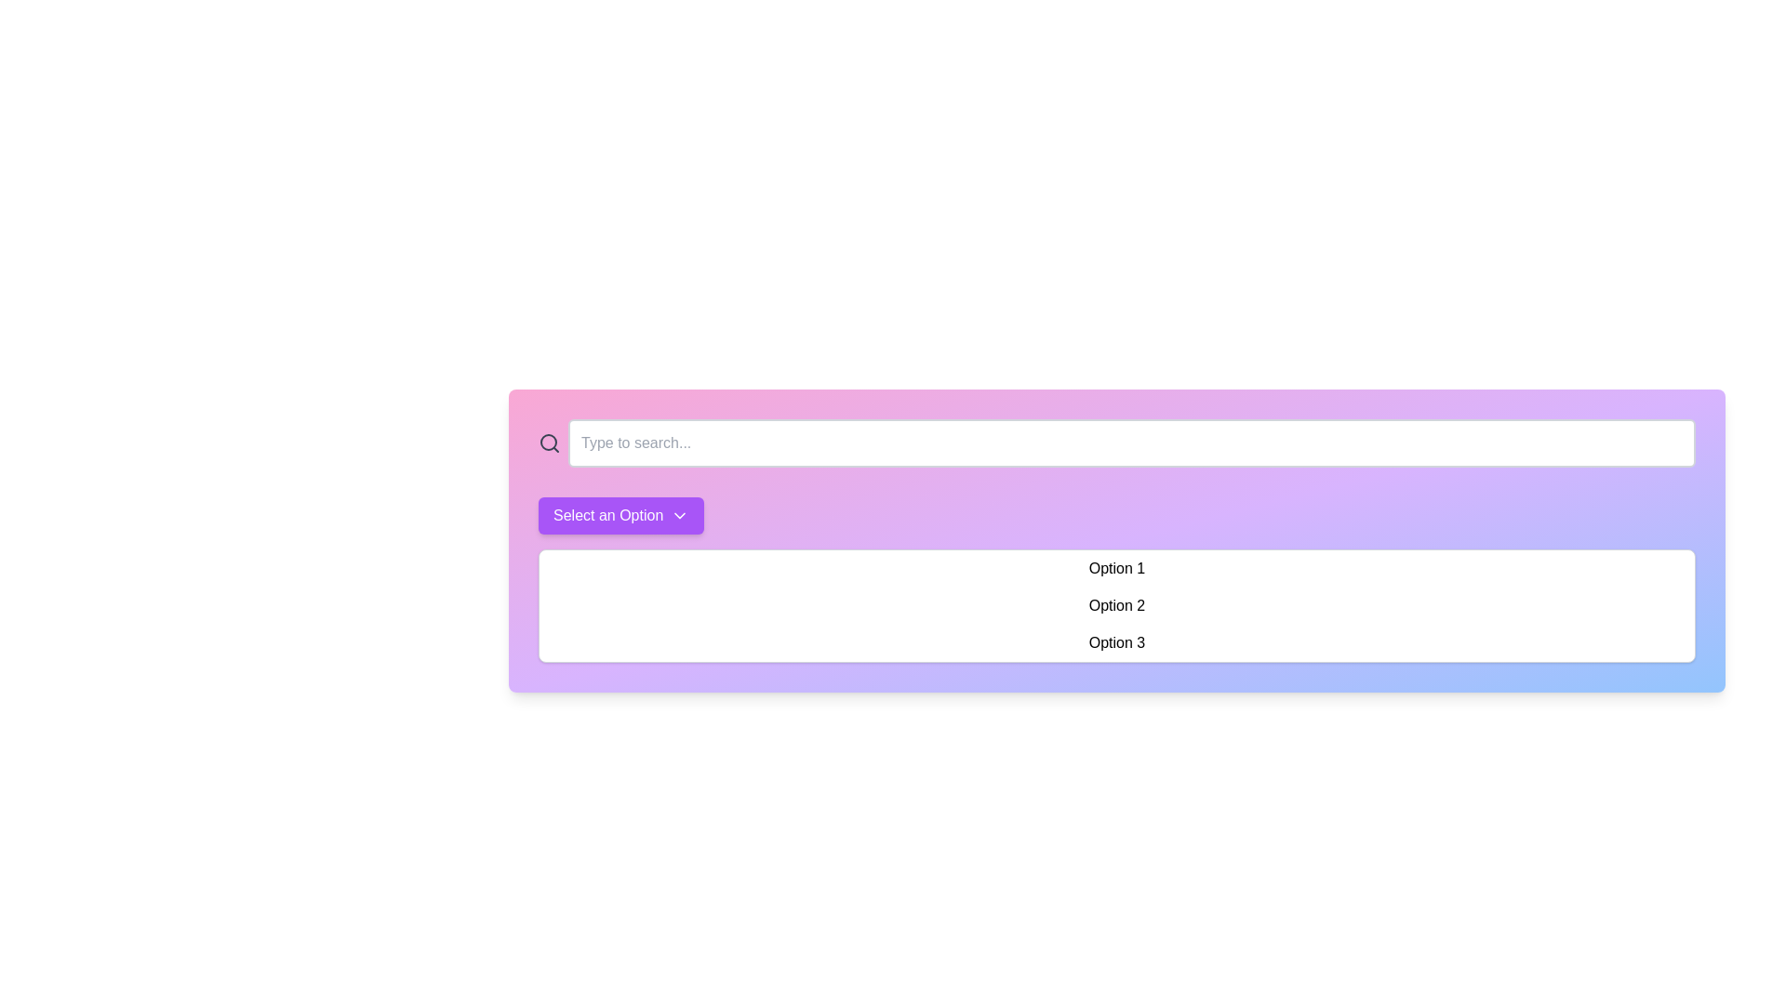  I want to click on the circular graphical component of the magnifying glass icon located to the left of the search input field, so click(548, 442).